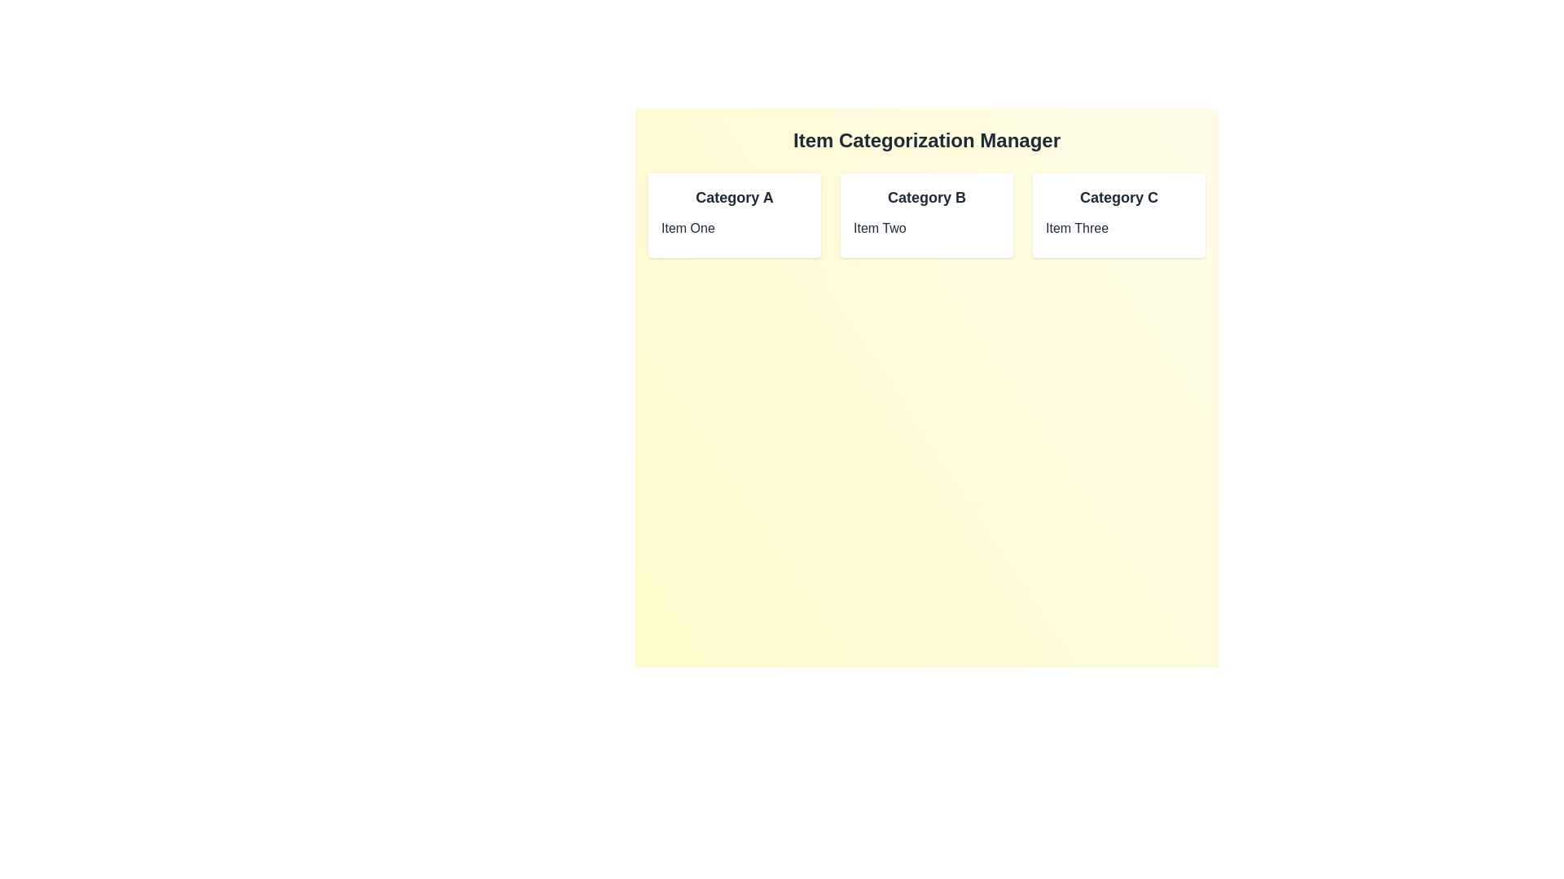  Describe the element at coordinates (1118, 229) in the screenshot. I see `the item Item Three to display its details` at that location.